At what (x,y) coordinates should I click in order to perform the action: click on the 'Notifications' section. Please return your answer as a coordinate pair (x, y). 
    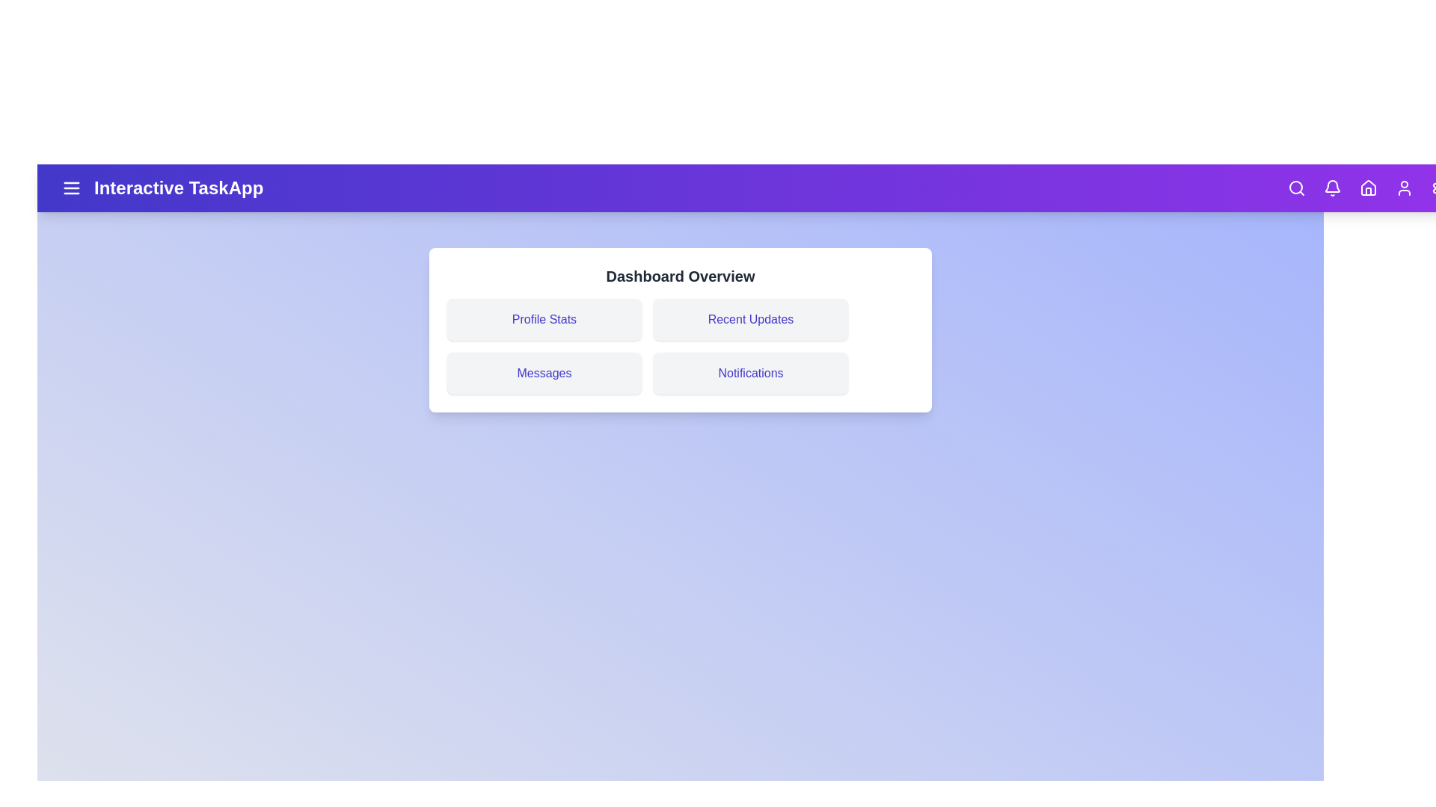
    Looking at the image, I should click on (750, 373).